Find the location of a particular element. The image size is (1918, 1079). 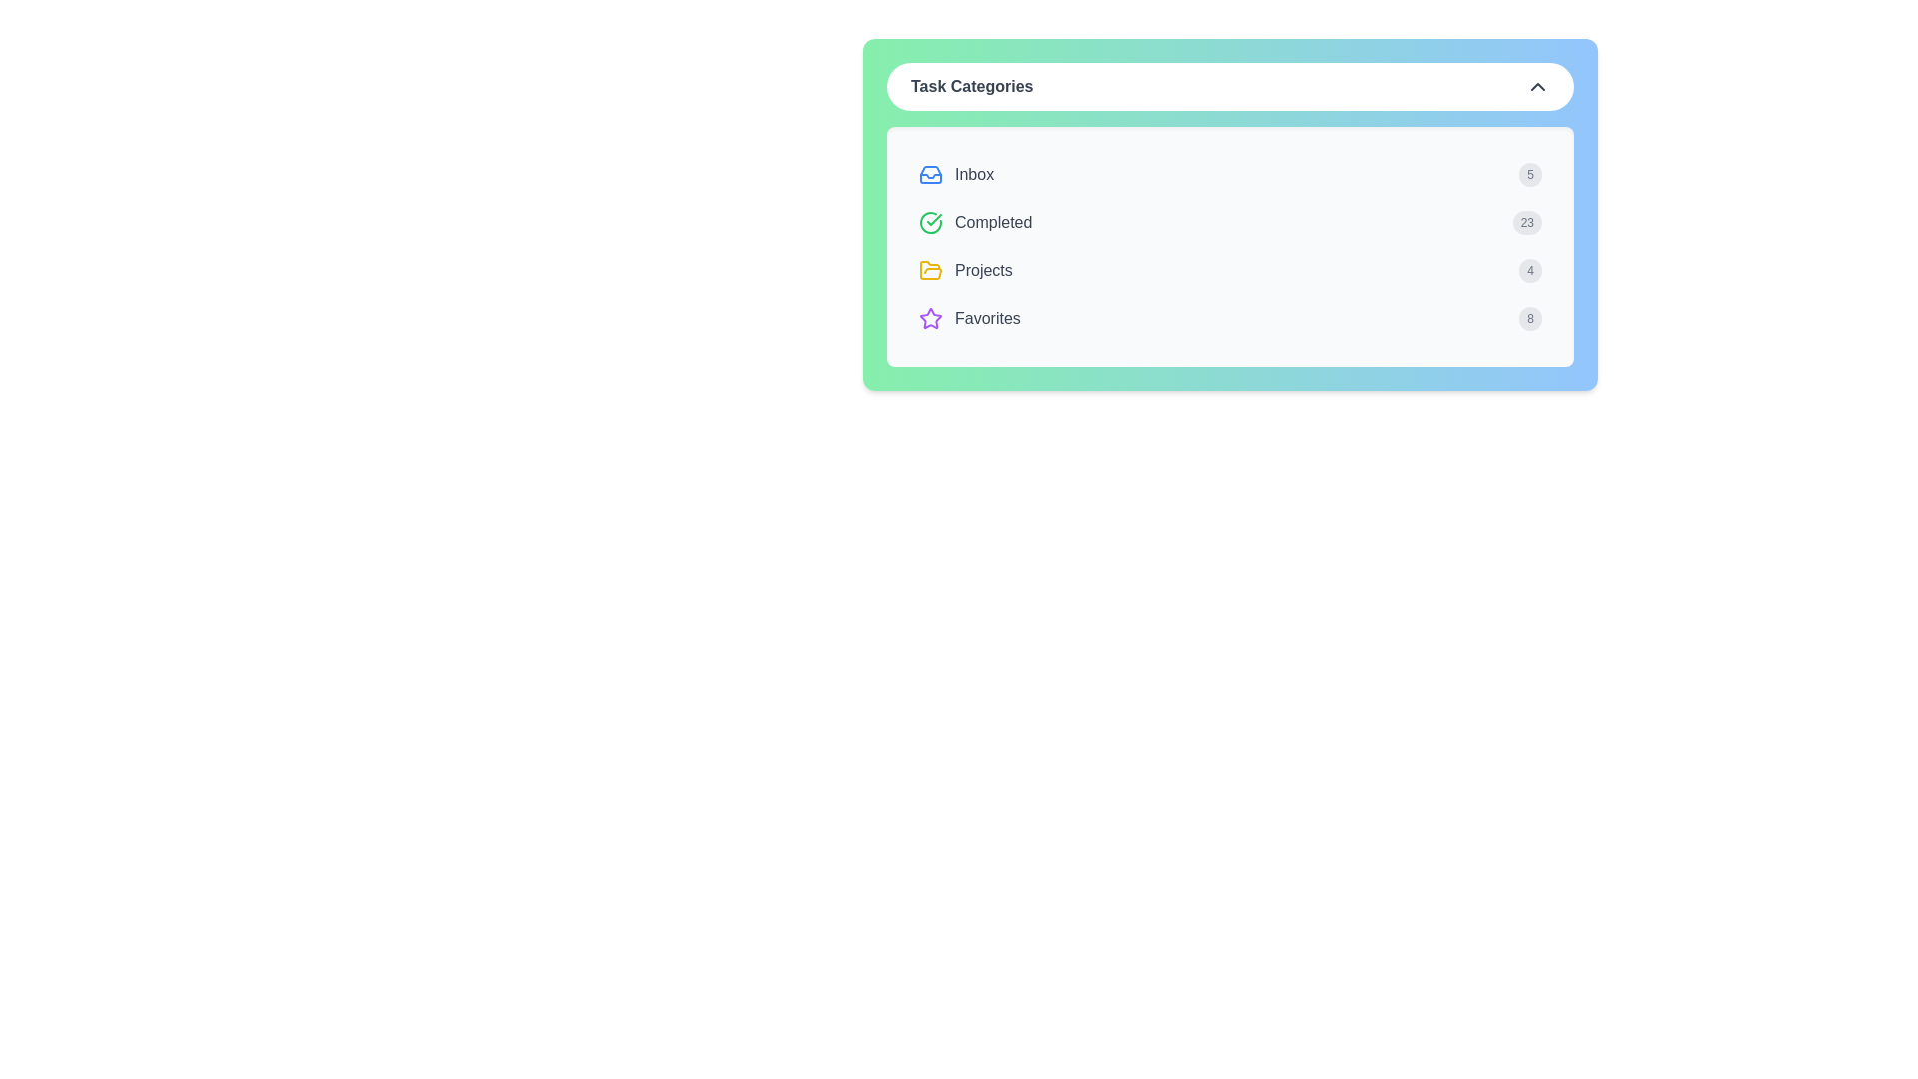

the chevron icon button located at the far-right end of the header bar titled 'Task Categories,' adjacent to the text label to expand or collapse the associated task categories list is located at coordinates (1537, 86).